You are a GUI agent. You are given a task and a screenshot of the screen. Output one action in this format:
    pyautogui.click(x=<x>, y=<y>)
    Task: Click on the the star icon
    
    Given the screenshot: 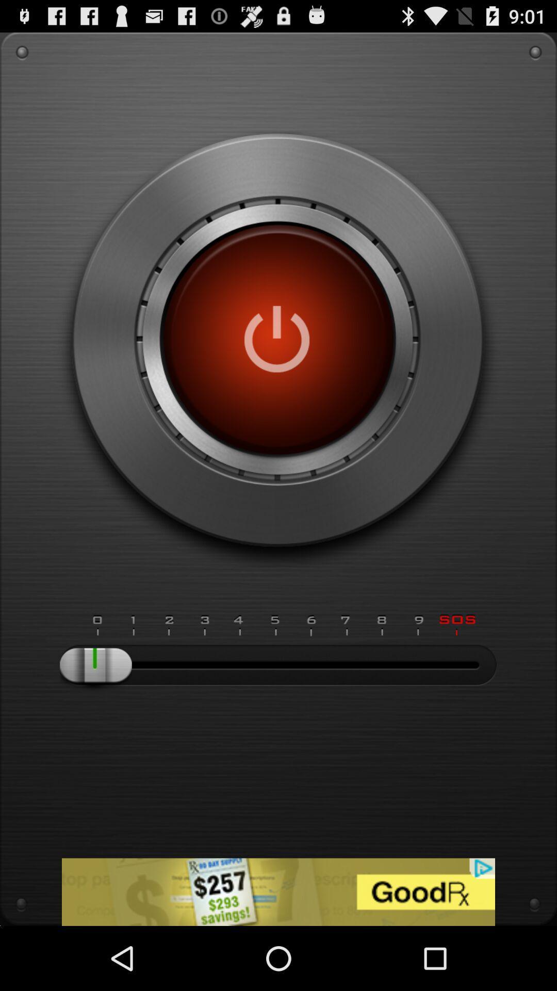 What is the action you would take?
    pyautogui.click(x=33, y=954)
    